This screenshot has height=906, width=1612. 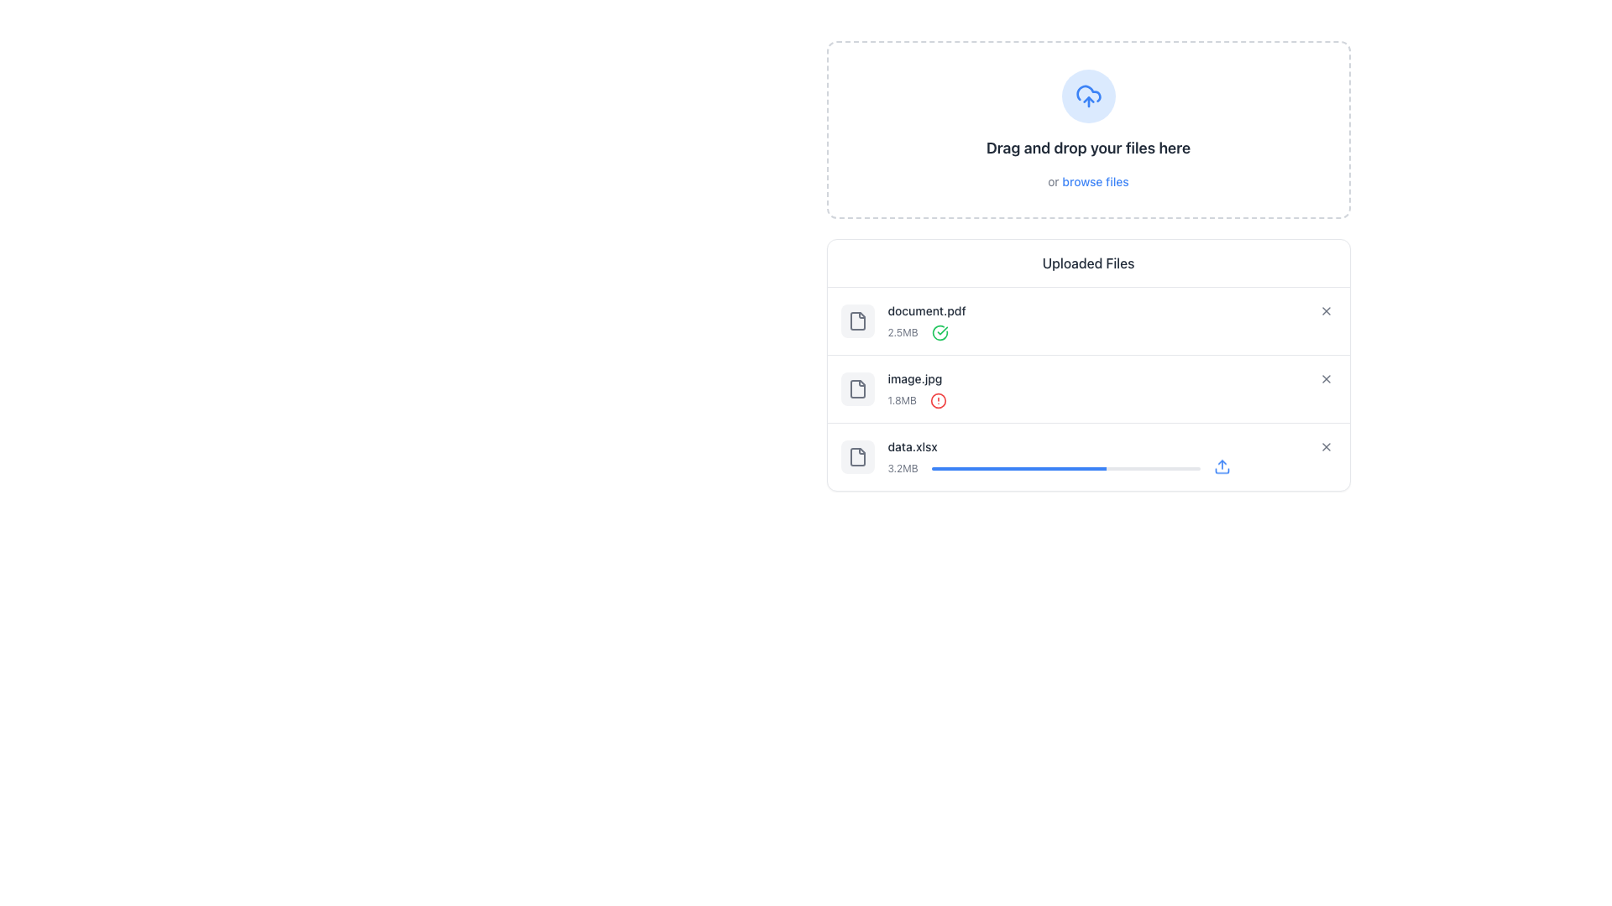 I want to click on the file resource icon located in the file upload section to identify the file type or status, so click(x=857, y=456).